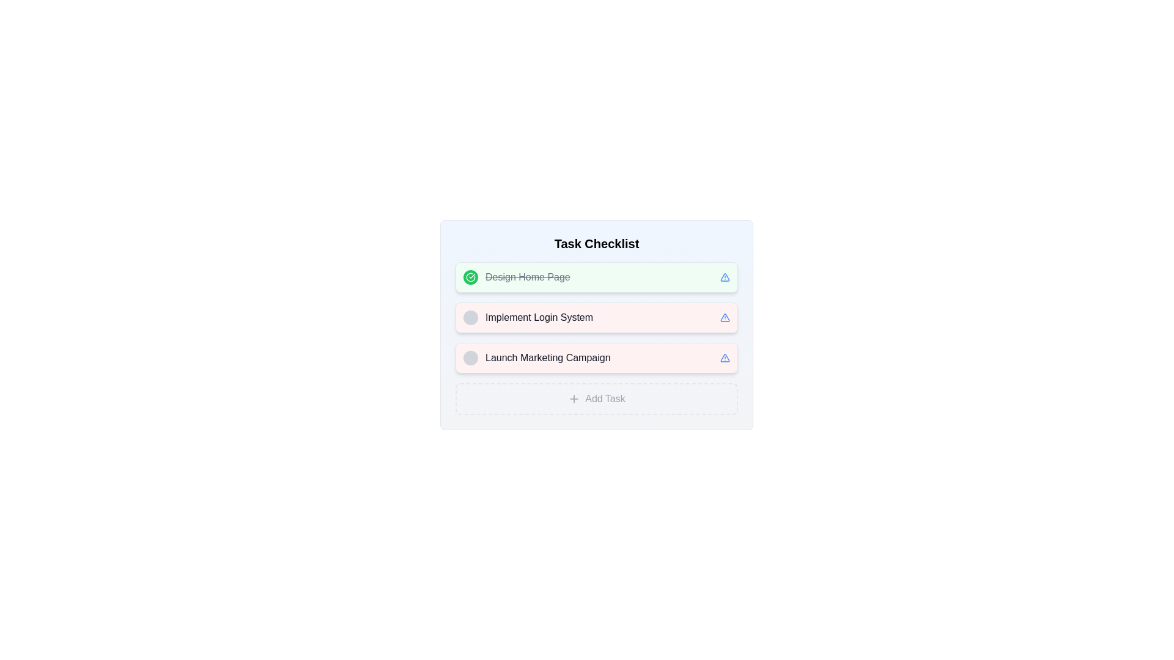  I want to click on the icon beside the list item displaying the task name 'Launch Marketing Campaign' in the checklist interface, so click(537, 358).